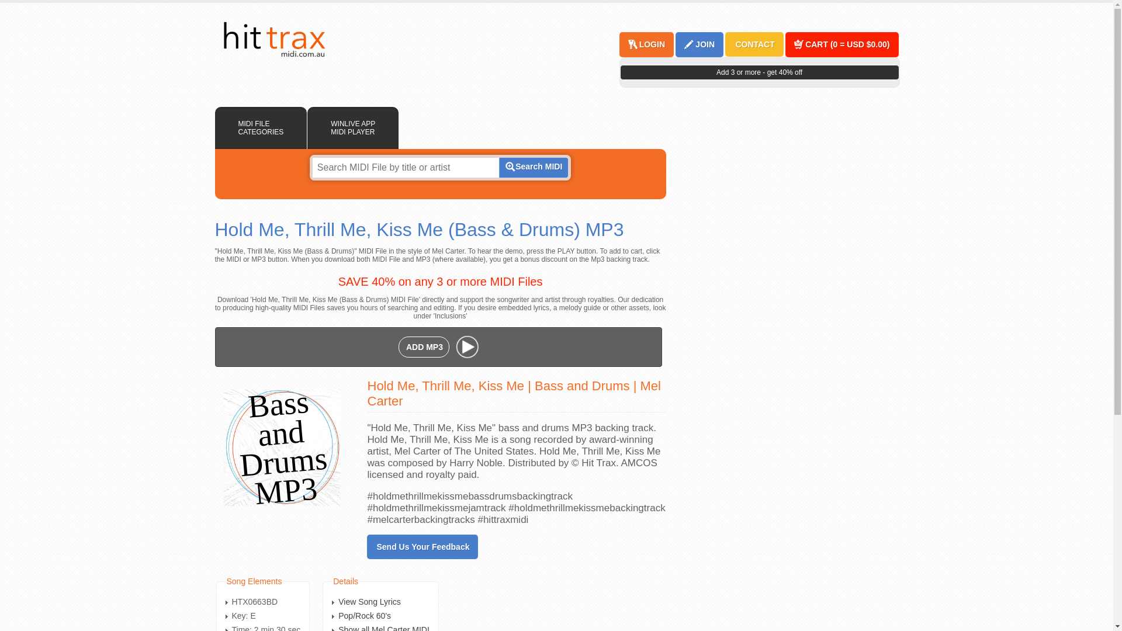 This screenshot has height=631, width=1122. What do you see at coordinates (532, 167) in the screenshot?
I see `'Search MIDI'` at bounding box center [532, 167].